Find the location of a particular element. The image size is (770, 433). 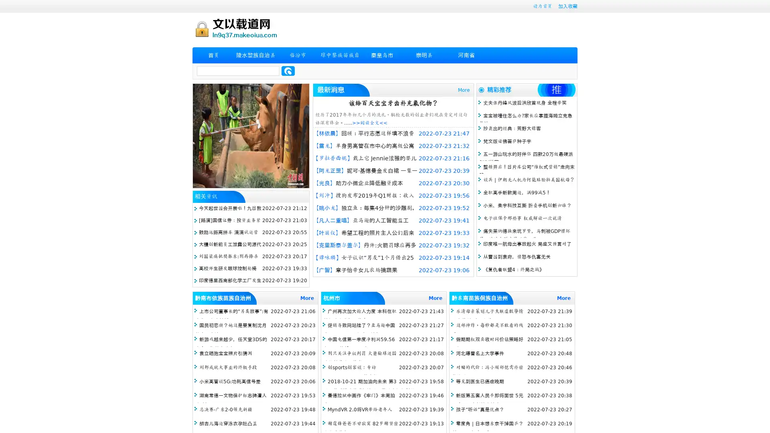

Search is located at coordinates (288, 71).